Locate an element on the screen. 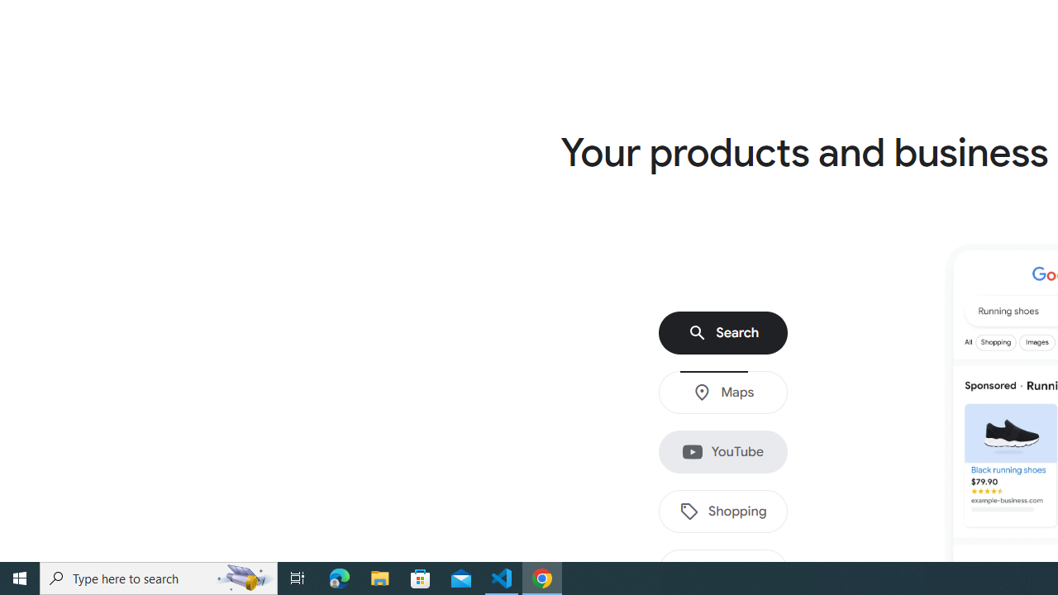 The height and width of the screenshot is (595, 1058). 'Visual Studio Code - 1 running window' is located at coordinates (501, 577).